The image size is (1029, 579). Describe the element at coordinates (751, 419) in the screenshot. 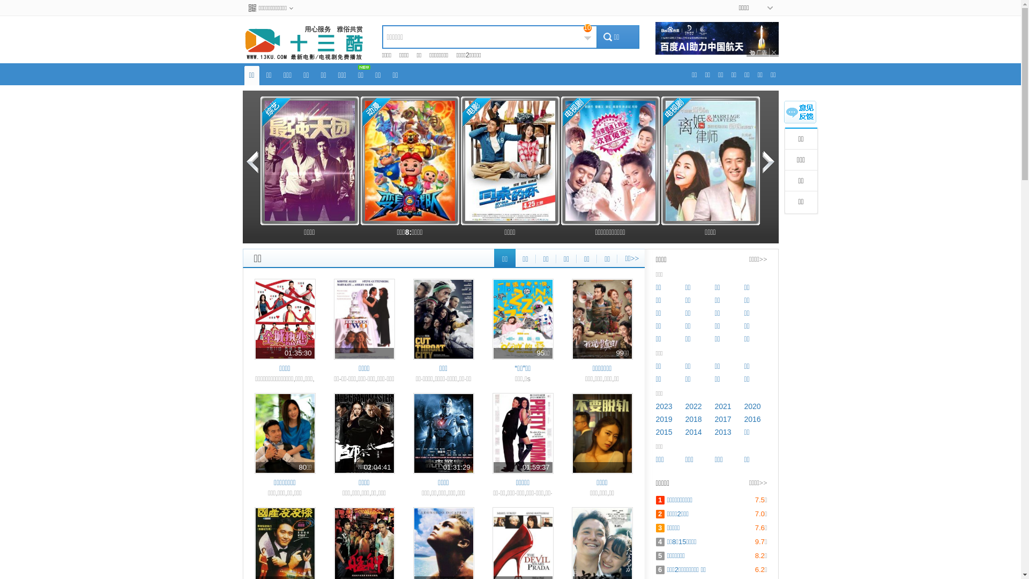

I see `'2016'` at that location.